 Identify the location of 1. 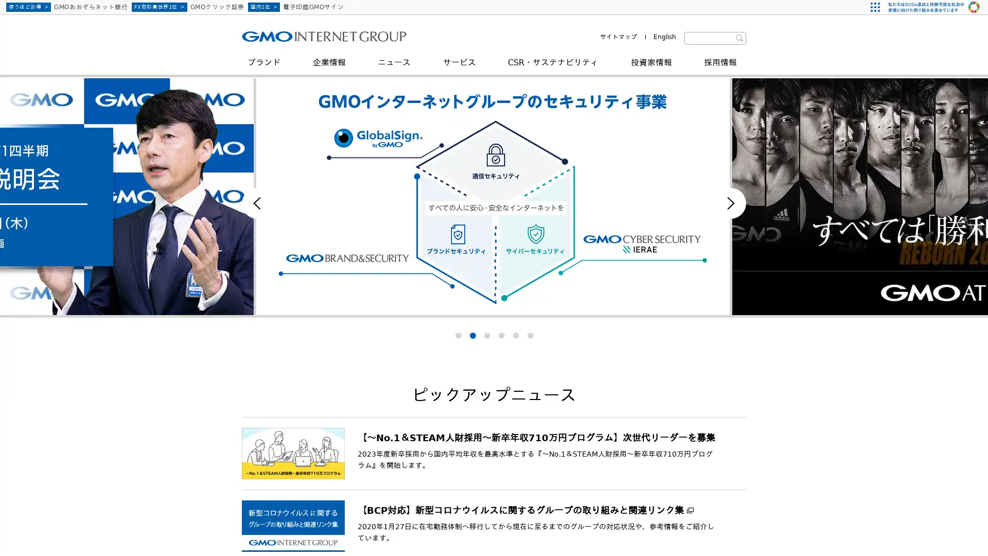
(457, 335).